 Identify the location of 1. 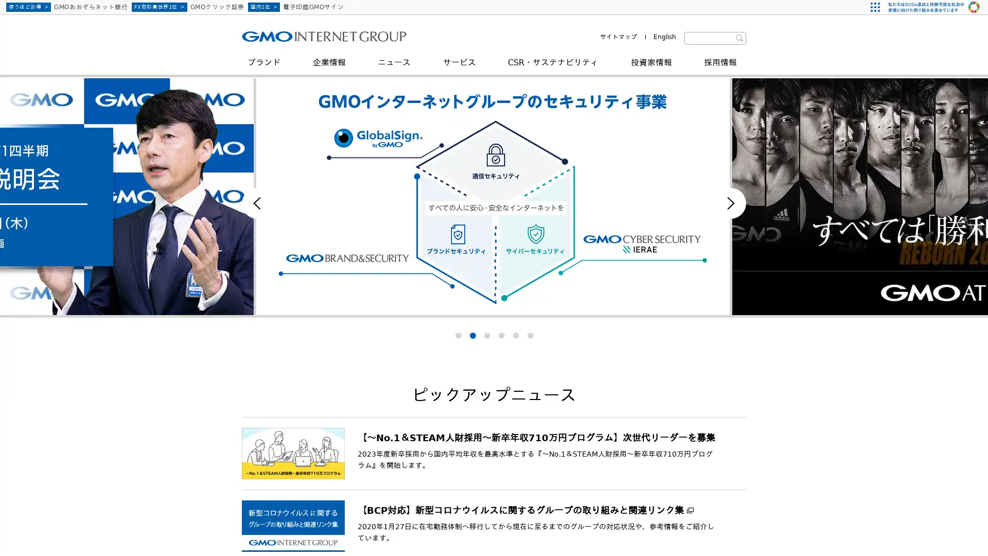
(457, 335).